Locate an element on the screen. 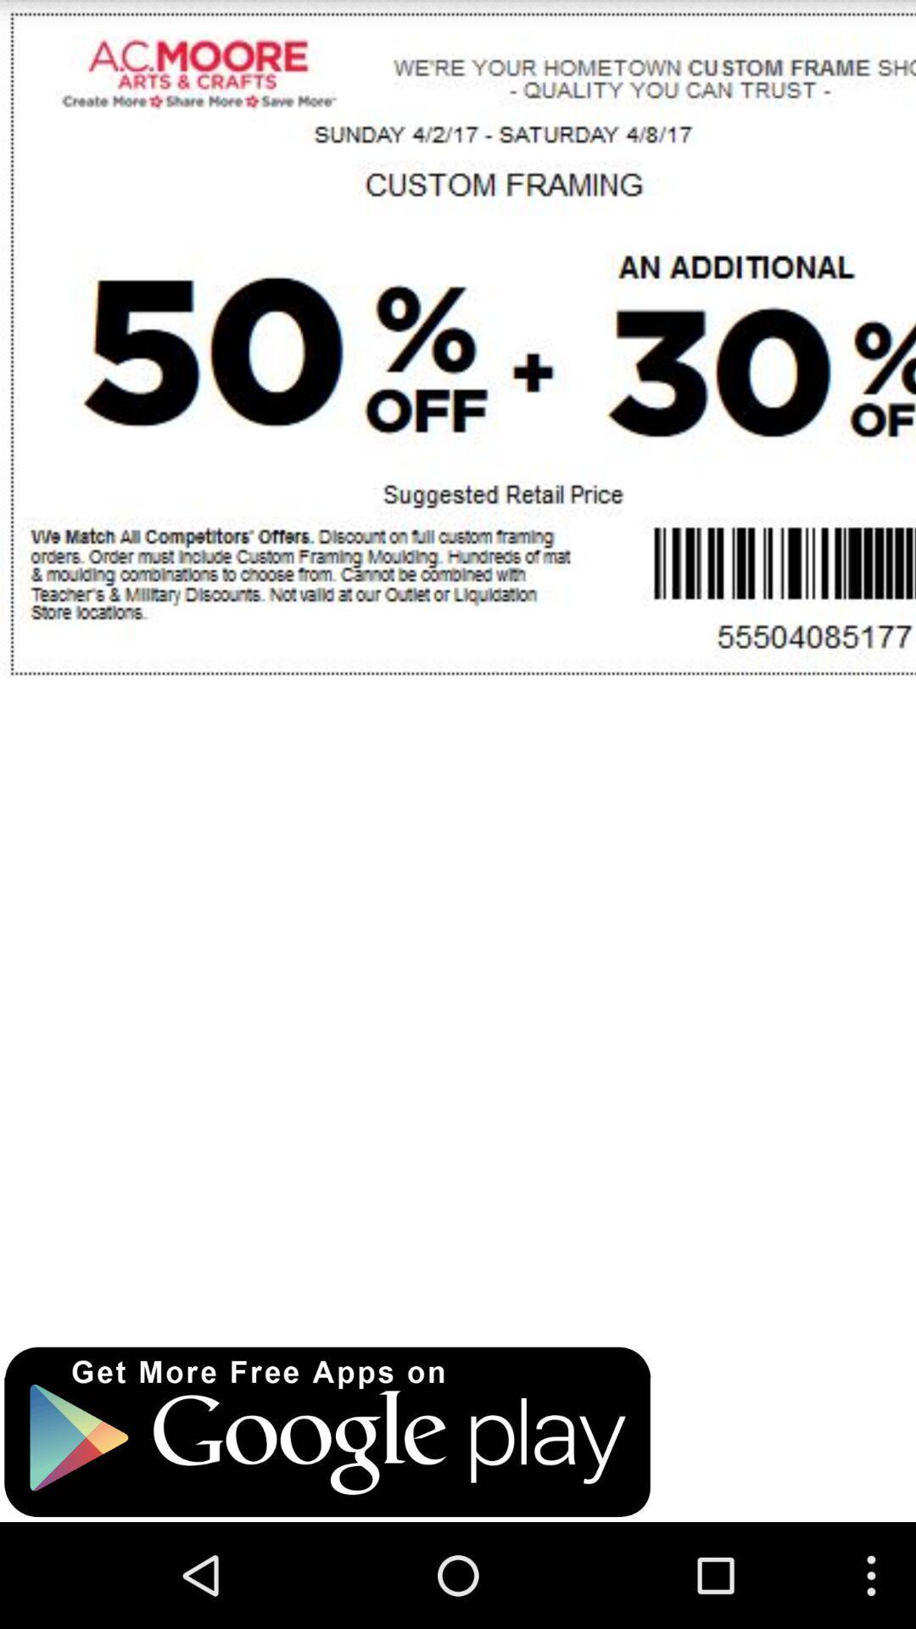 Image resolution: width=916 pixels, height=1629 pixels. advertisement banner is located at coordinates (327, 1431).